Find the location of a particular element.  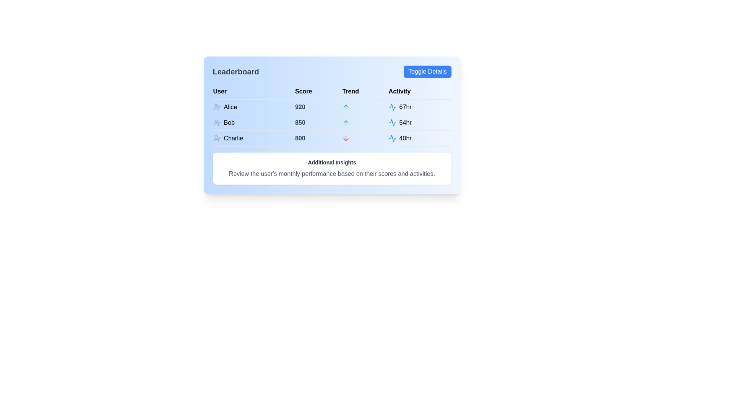

the 'Activity' metric icon for user 'Bob' in the leaderboard table, which is located to the left of the number '54hr' is located at coordinates (392, 122).